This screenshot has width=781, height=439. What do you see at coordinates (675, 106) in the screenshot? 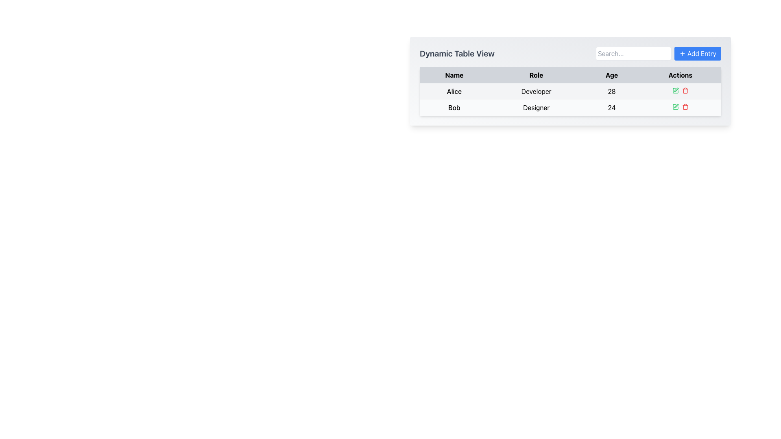
I see `the edit icon button associated with the second row of the table under the 'Actions' column` at bounding box center [675, 106].